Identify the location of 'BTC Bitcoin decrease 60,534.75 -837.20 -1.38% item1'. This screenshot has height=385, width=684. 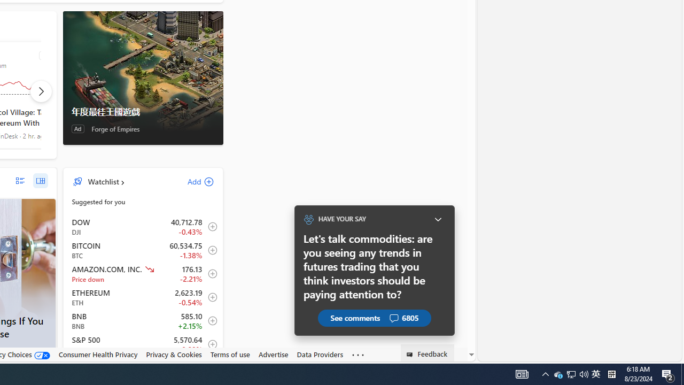
(143, 250).